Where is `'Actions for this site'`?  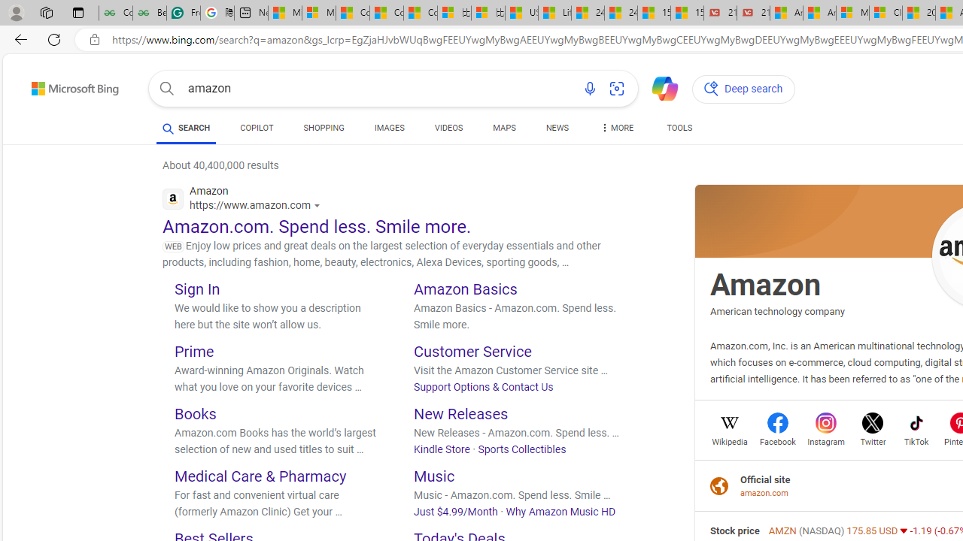
'Actions for this site' is located at coordinates (318, 205).